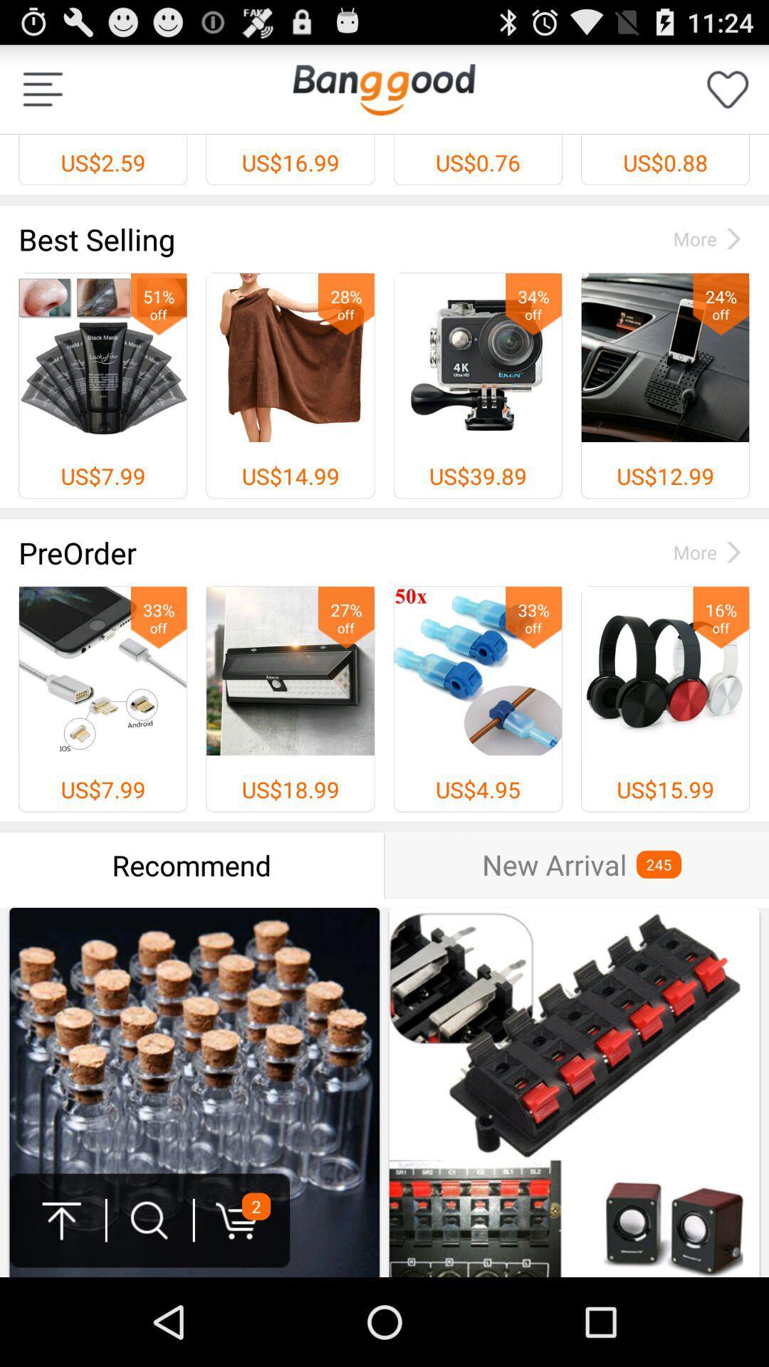 The image size is (769, 1367). What do you see at coordinates (42, 95) in the screenshot?
I see `the filter_list icon` at bounding box center [42, 95].